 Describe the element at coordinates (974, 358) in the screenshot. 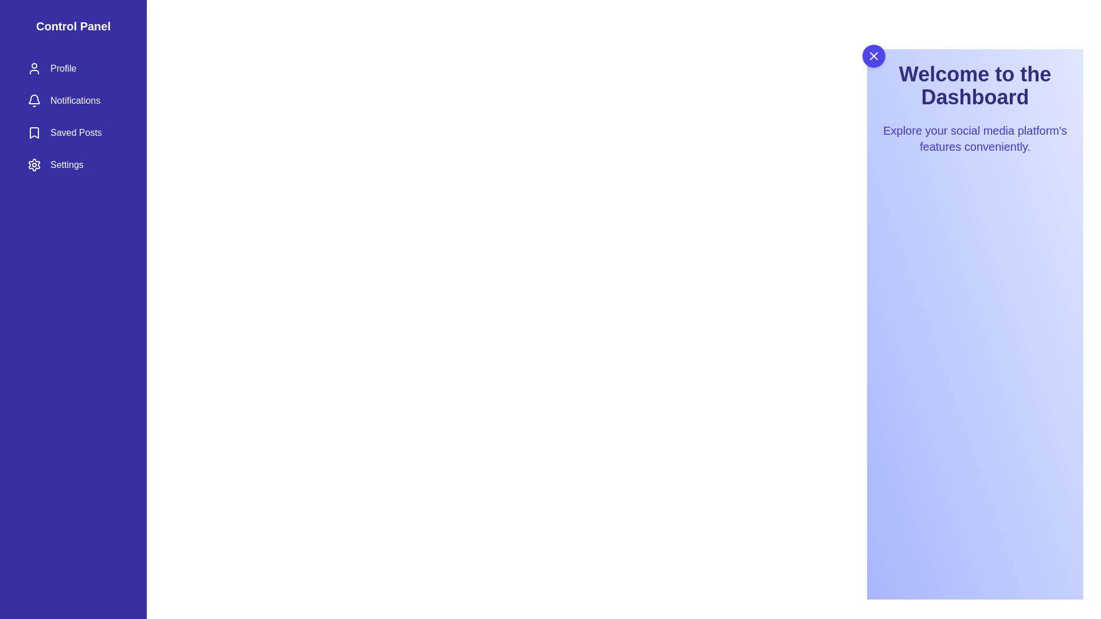

I see `the main content area to interact with it` at that location.